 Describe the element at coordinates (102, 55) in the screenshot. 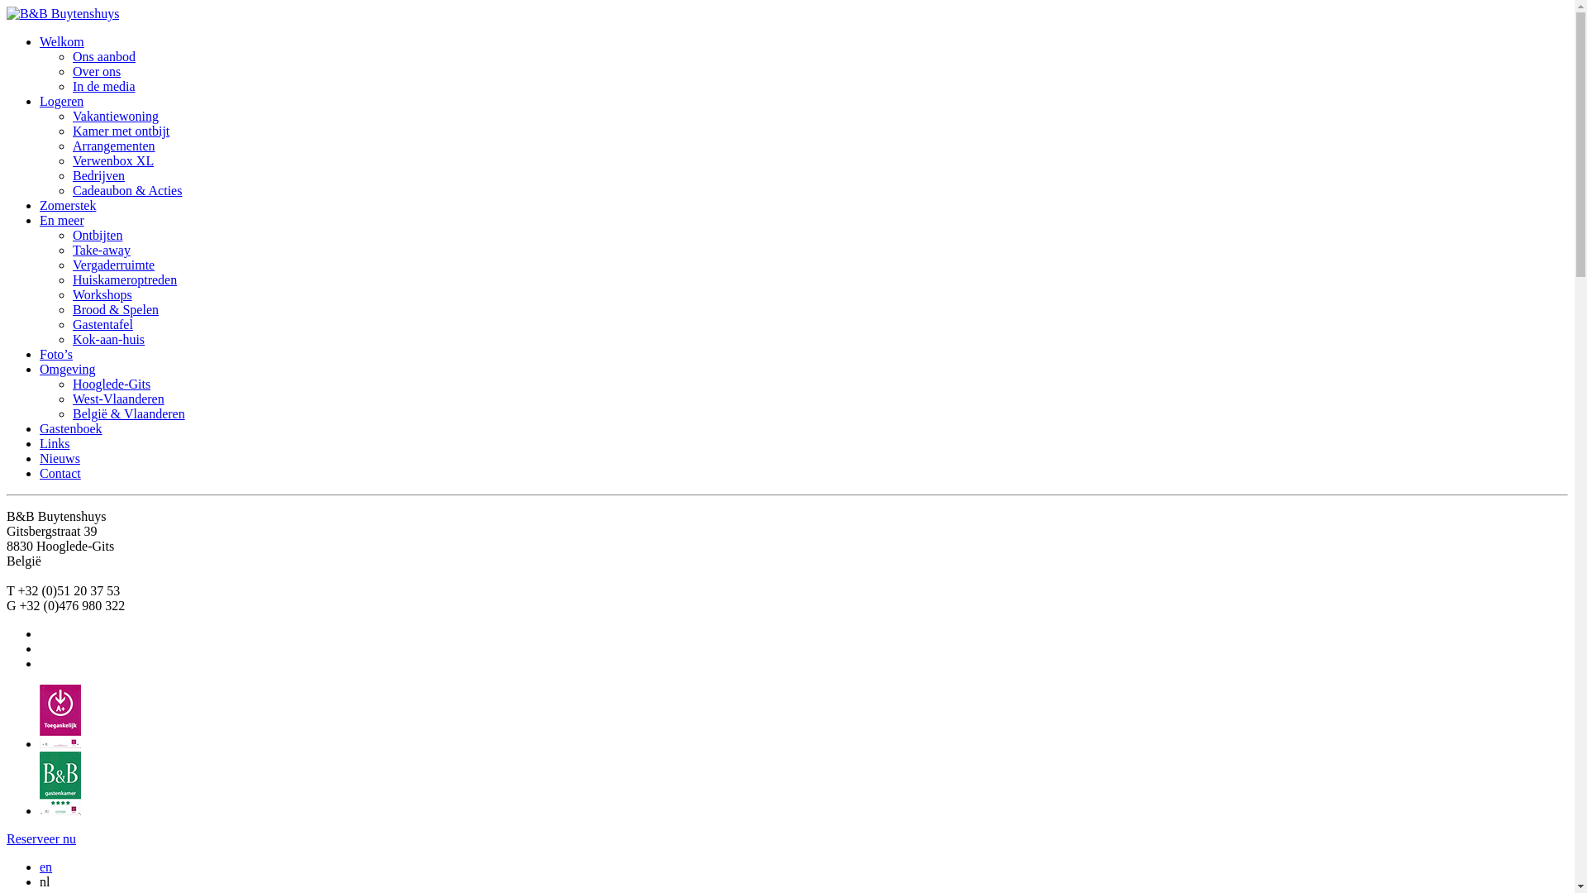

I see `'Ons aanbod'` at that location.